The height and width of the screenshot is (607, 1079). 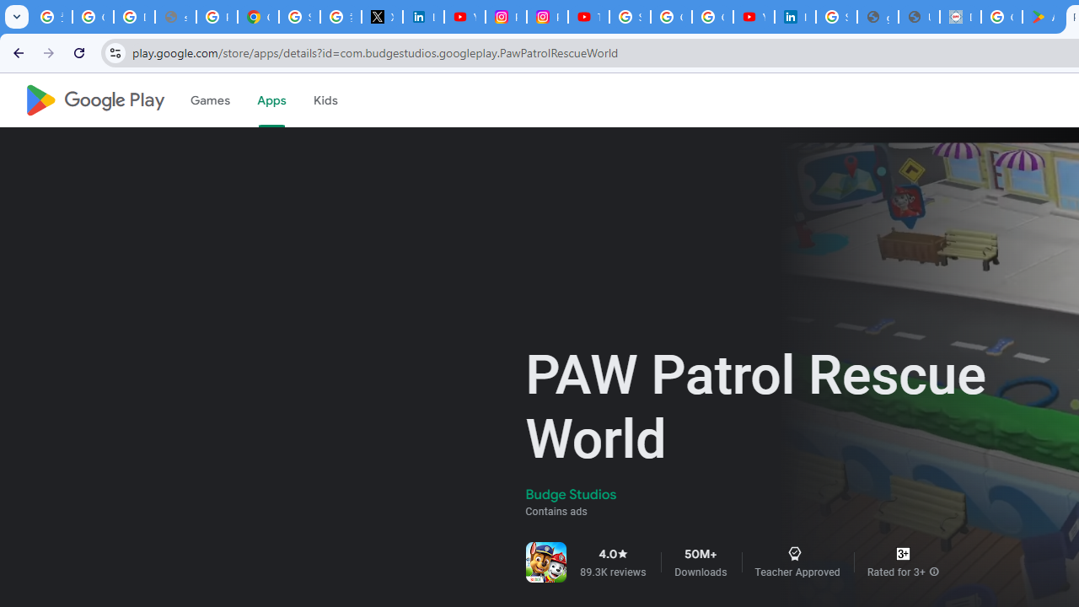 I want to click on 'Budge Studios', so click(x=571, y=493).